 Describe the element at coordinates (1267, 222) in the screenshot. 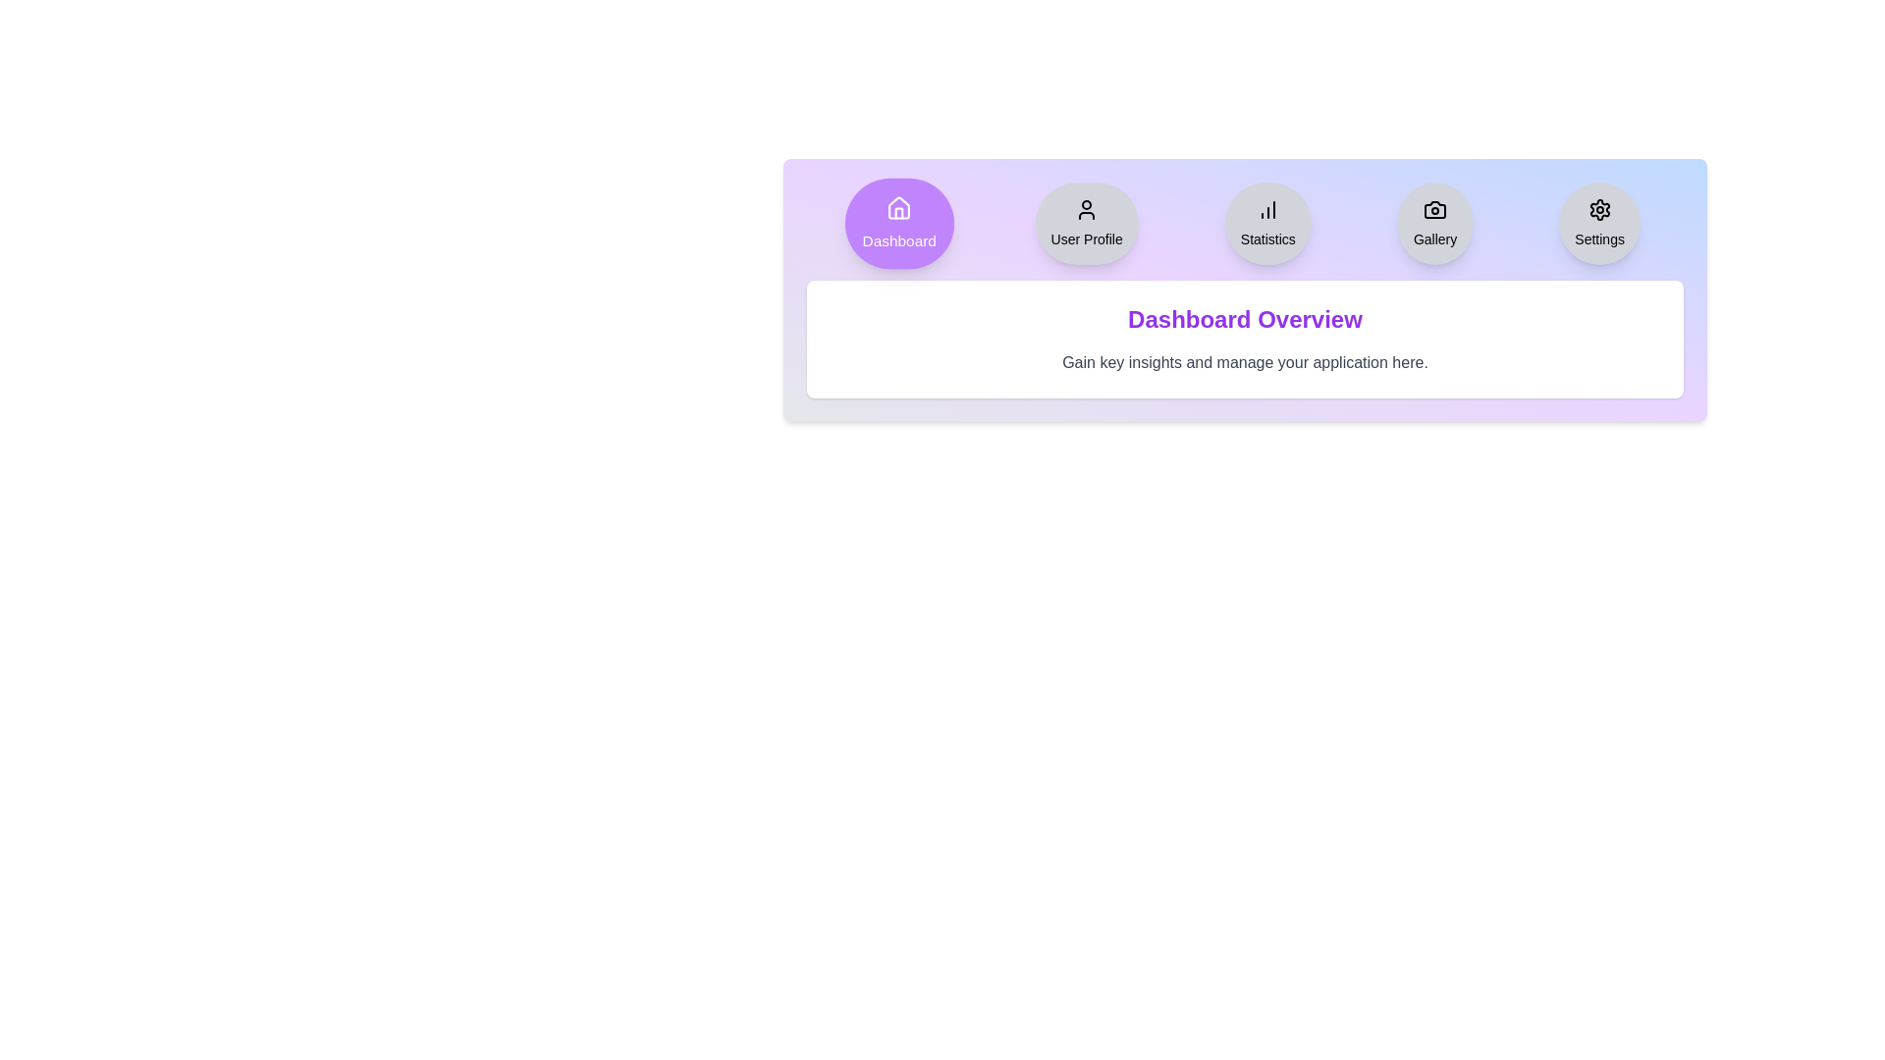

I see `the 'Statistics' navigation button, which is the third button from the left in a row of five` at that location.